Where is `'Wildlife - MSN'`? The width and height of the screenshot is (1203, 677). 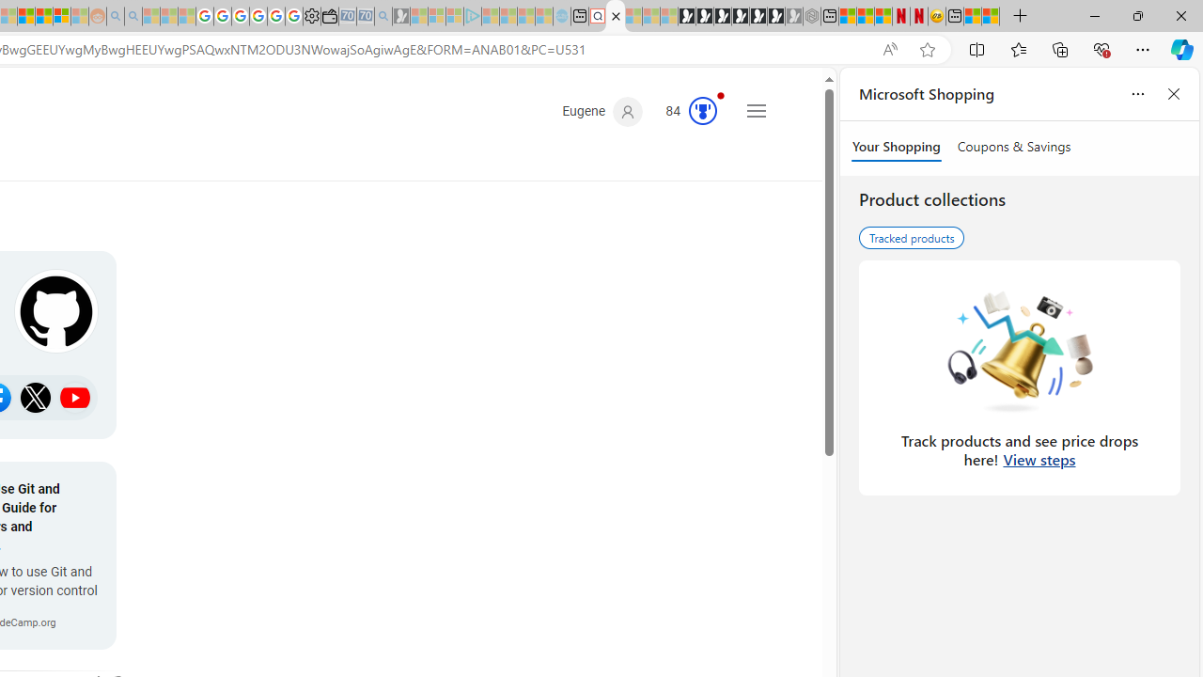 'Wildlife - MSN' is located at coordinates (973, 16).